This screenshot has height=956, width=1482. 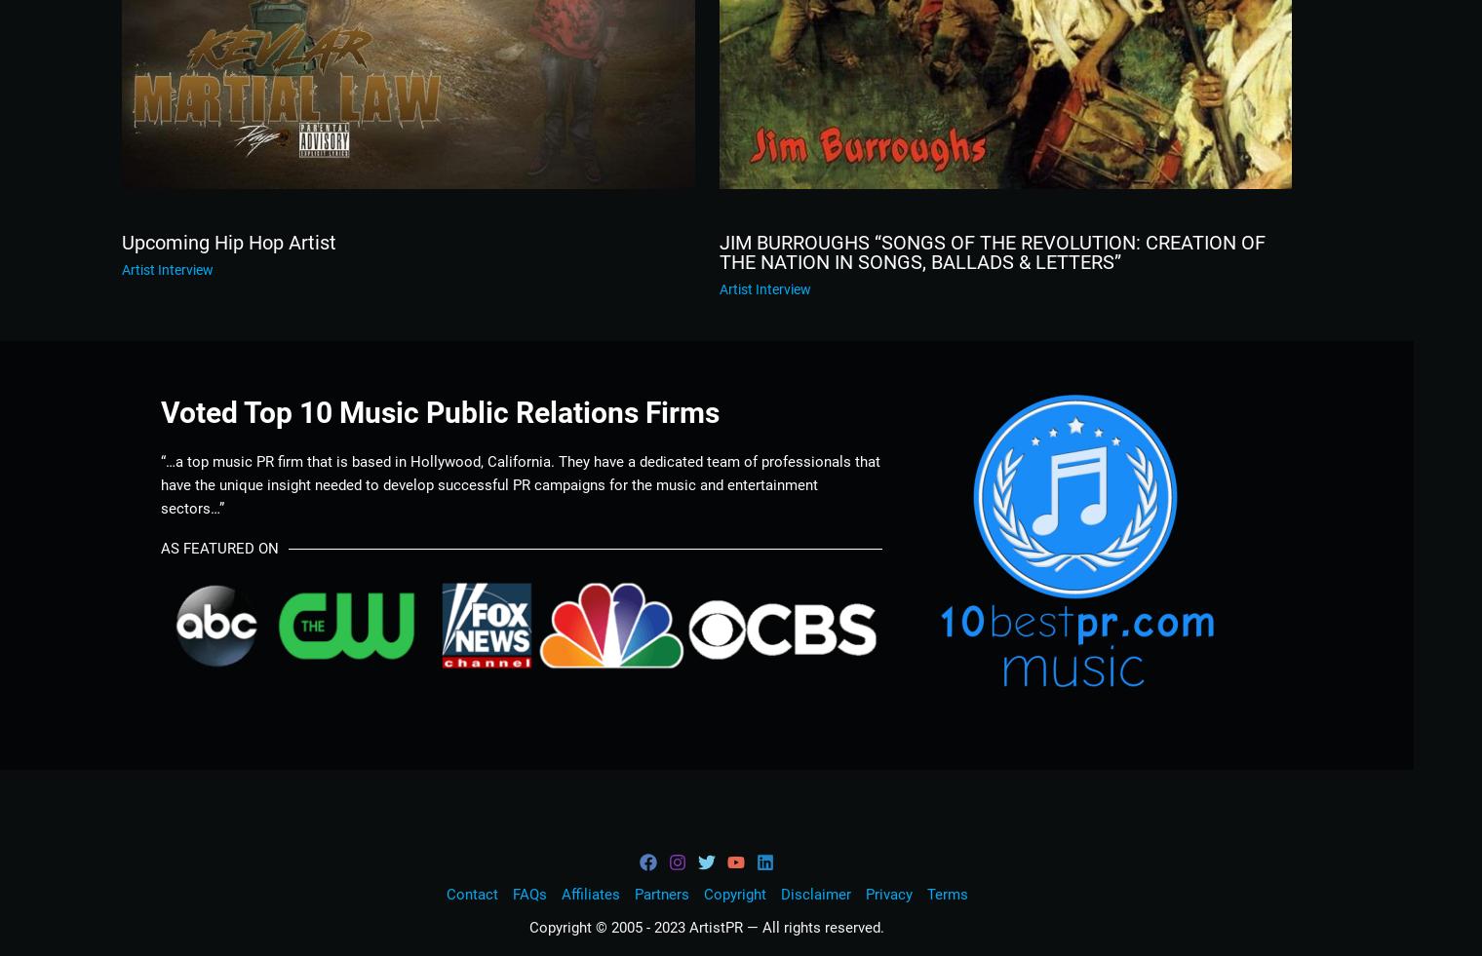 What do you see at coordinates (887, 895) in the screenshot?
I see `'Privacy'` at bounding box center [887, 895].